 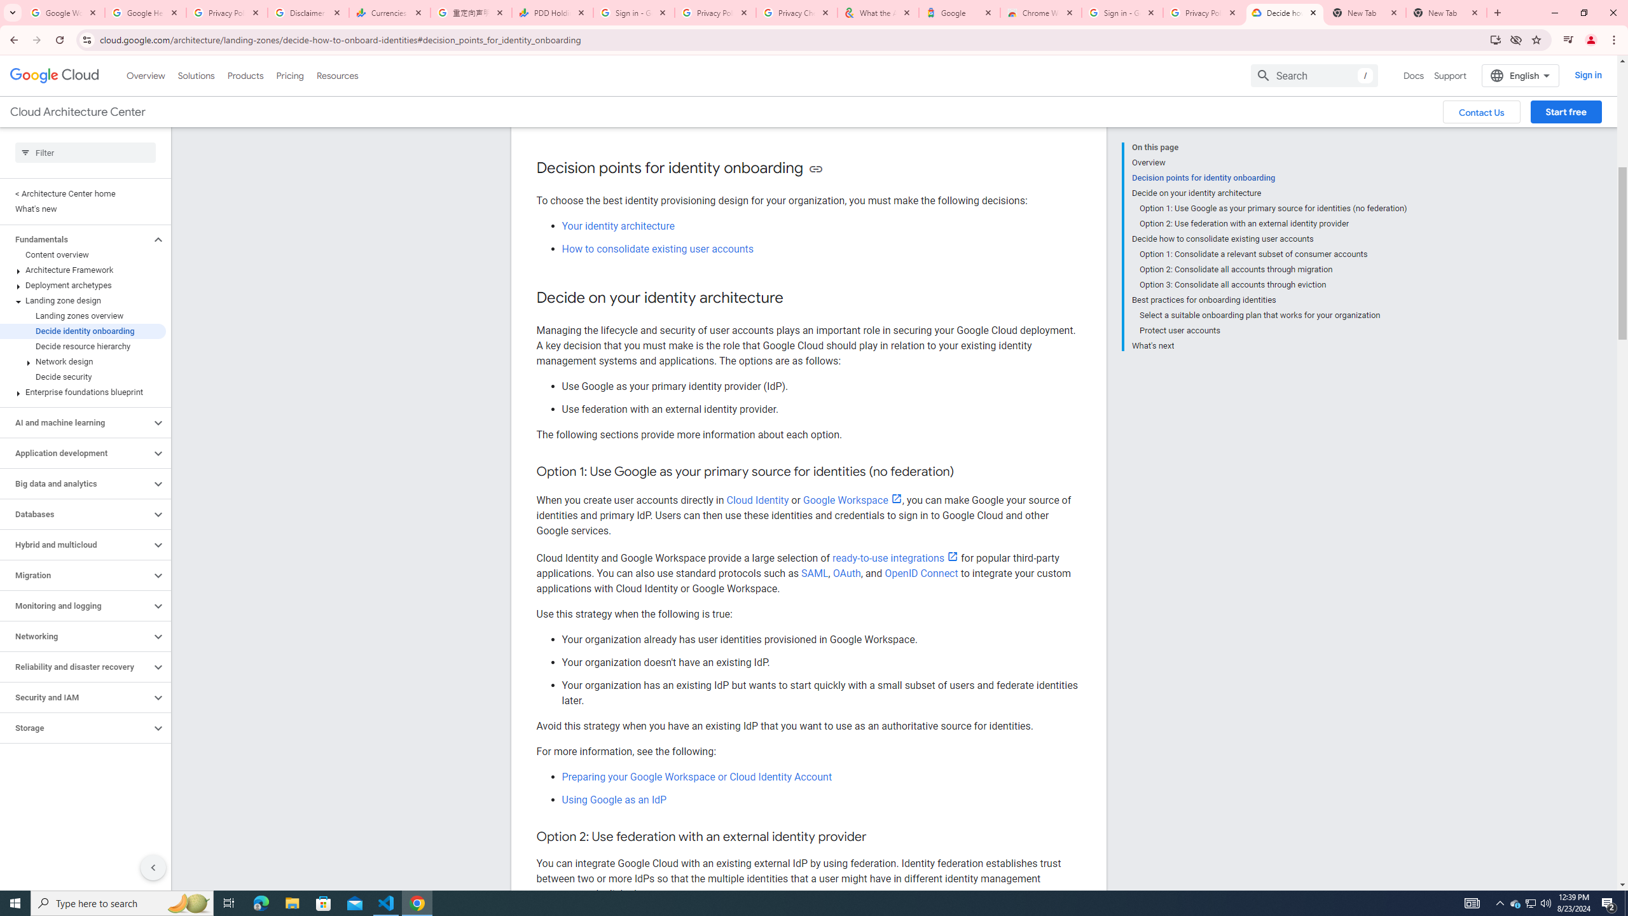 What do you see at coordinates (1273, 330) in the screenshot?
I see `'Protect user accounts'` at bounding box center [1273, 330].